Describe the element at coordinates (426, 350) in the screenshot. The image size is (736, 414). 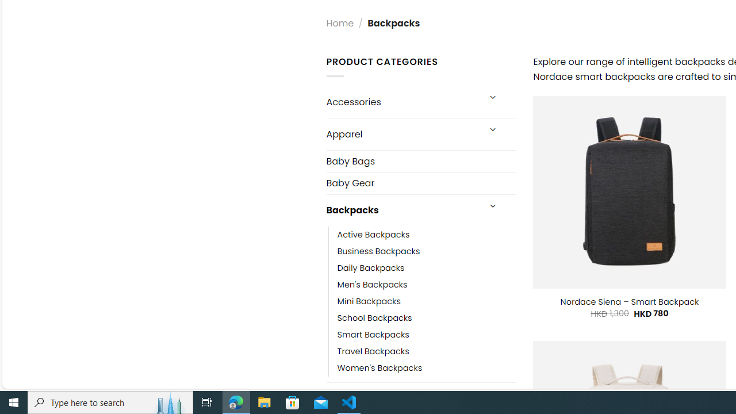
I see `'Travel Backpacks'` at that location.